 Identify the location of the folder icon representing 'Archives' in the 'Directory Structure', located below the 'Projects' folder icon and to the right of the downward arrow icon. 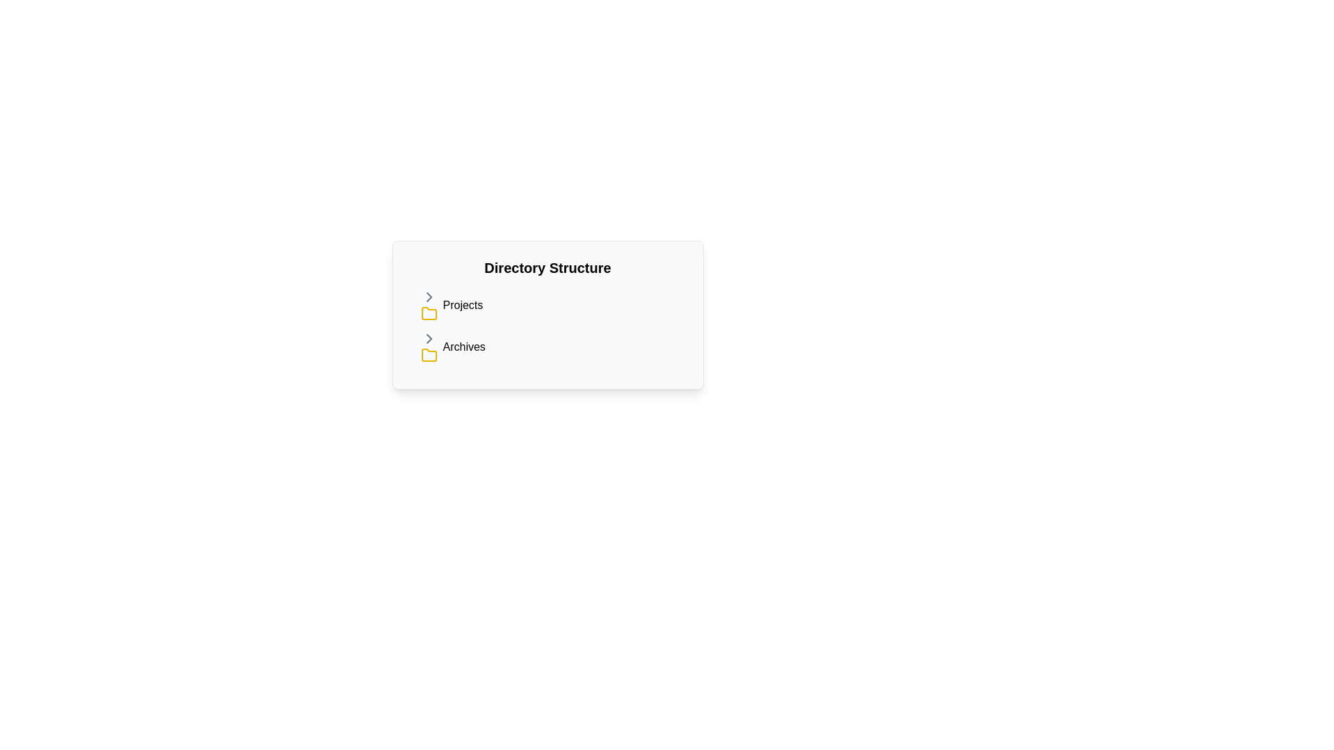
(428, 354).